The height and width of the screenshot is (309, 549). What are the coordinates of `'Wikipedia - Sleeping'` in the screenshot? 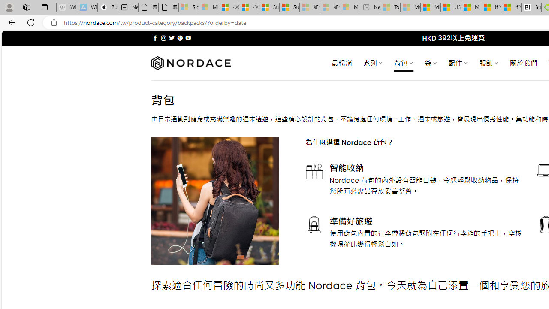 It's located at (66, 7).